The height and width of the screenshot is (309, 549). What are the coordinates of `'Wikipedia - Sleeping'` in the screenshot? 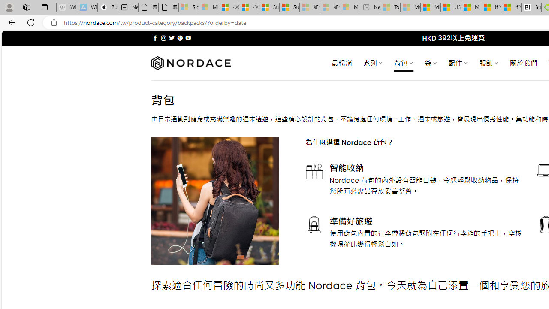 It's located at (66, 7).